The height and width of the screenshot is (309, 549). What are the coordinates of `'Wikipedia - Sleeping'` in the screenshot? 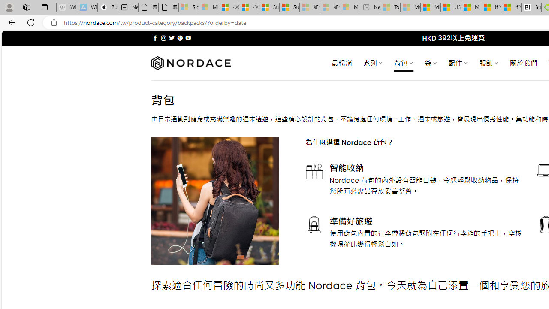 It's located at (66, 7).